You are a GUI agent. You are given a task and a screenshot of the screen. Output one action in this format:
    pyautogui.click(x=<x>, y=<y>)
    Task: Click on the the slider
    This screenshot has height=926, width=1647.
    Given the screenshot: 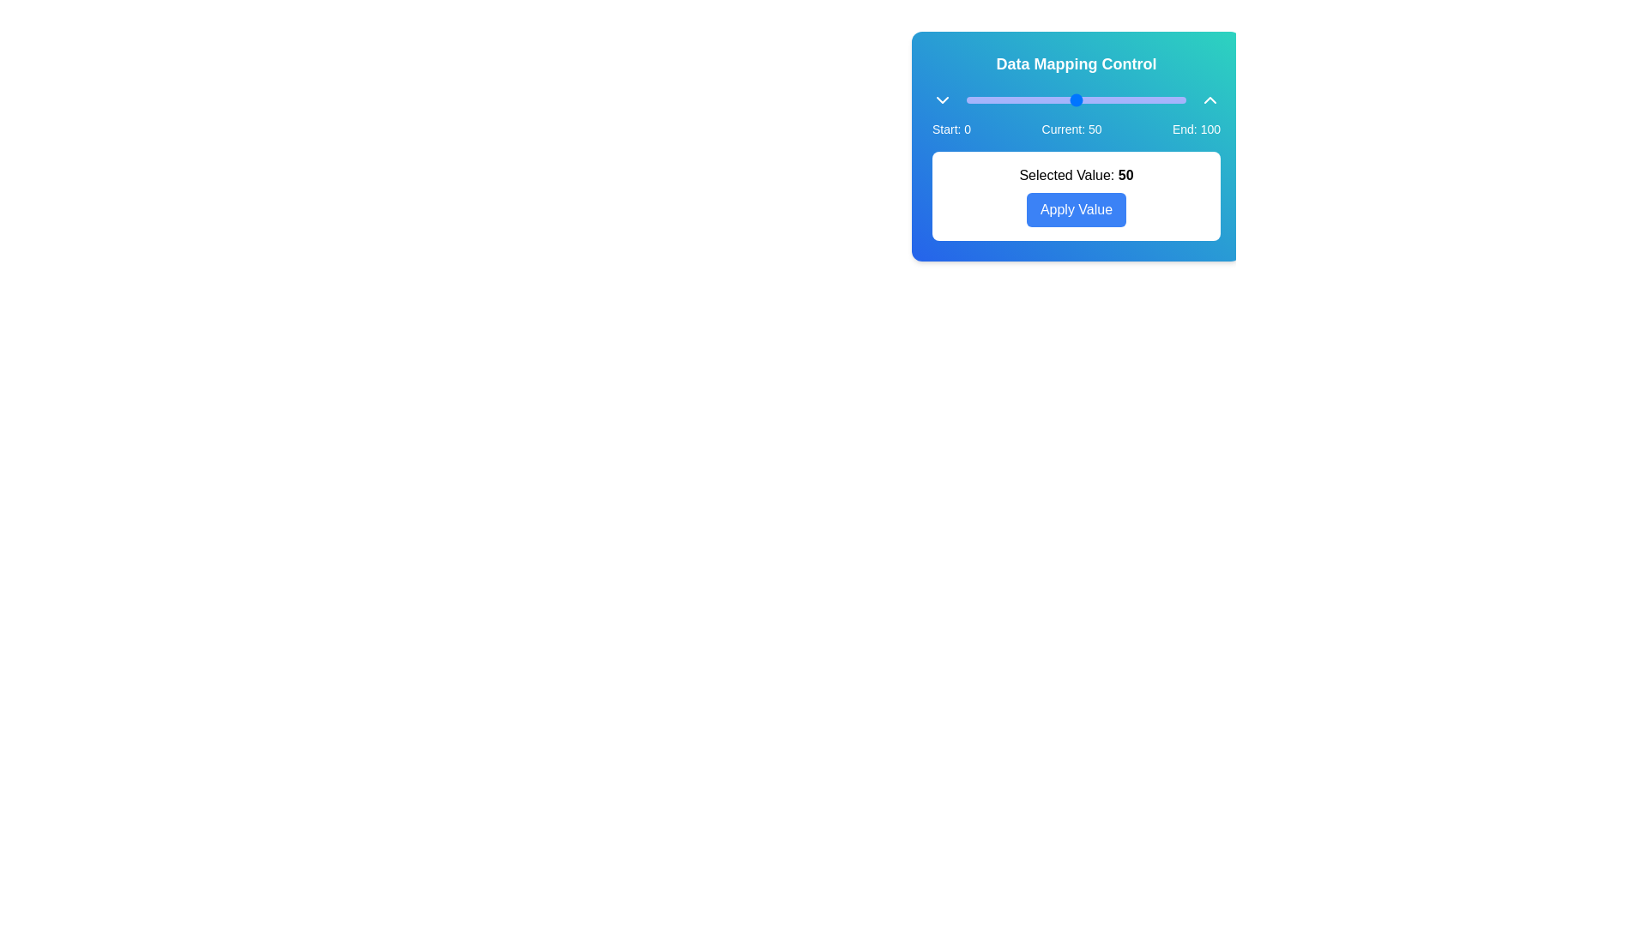 What is the action you would take?
    pyautogui.click(x=1122, y=99)
    